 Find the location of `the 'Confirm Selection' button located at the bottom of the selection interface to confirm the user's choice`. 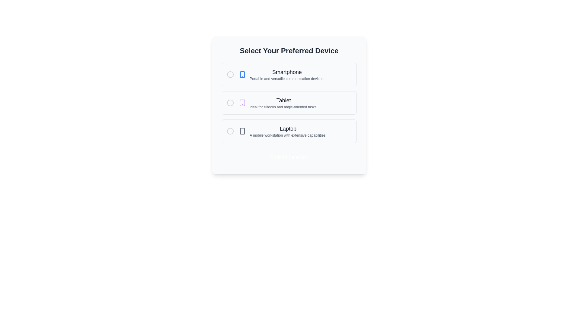

the 'Confirm Selection' button located at the bottom of the selection interface to confirm the user's choice is located at coordinates (289, 157).